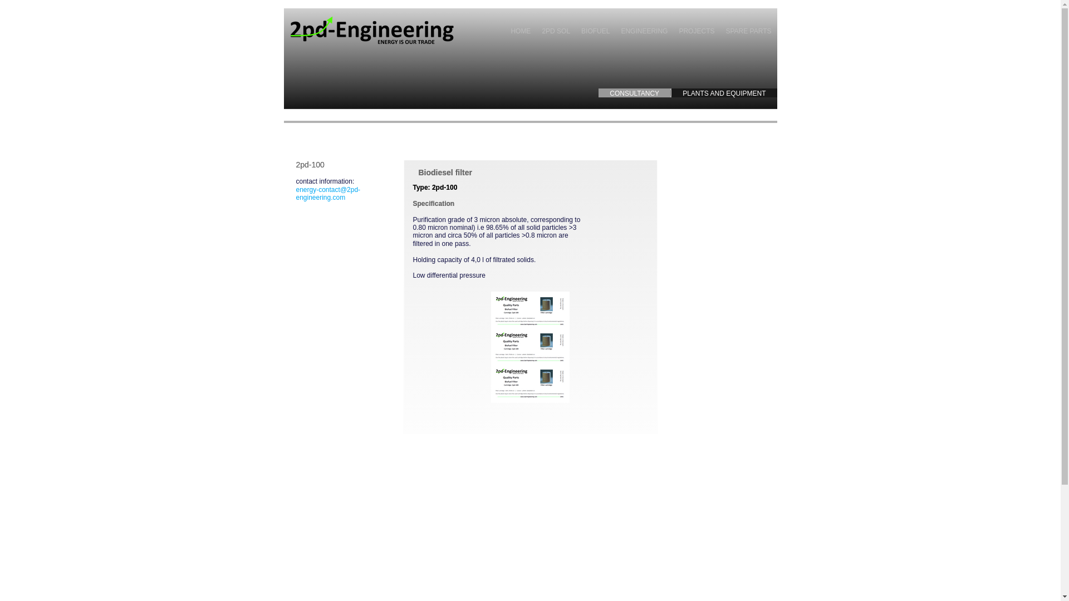 This screenshot has width=1069, height=601. What do you see at coordinates (696, 31) in the screenshot?
I see `'PROJECTS'` at bounding box center [696, 31].